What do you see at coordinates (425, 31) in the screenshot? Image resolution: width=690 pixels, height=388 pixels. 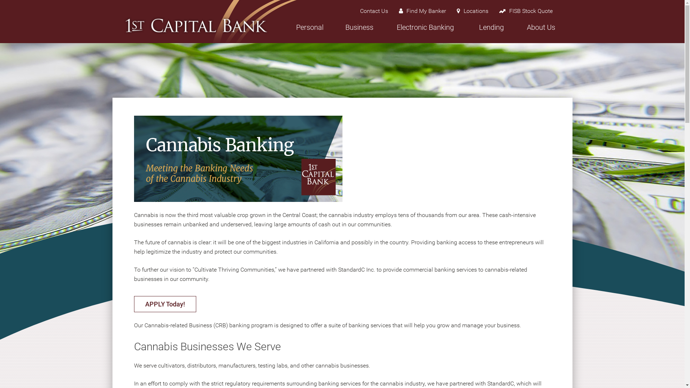 I see `'Electronic Banking'` at bounding box center [425, 31].